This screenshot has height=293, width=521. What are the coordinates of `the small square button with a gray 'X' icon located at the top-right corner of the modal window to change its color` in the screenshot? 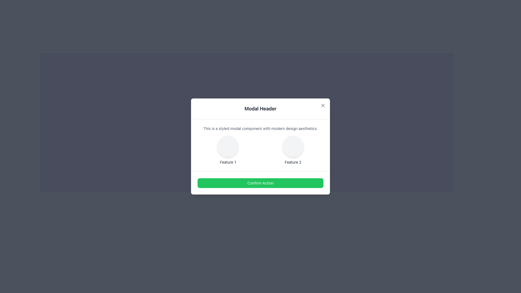 It's located at (323, 106).